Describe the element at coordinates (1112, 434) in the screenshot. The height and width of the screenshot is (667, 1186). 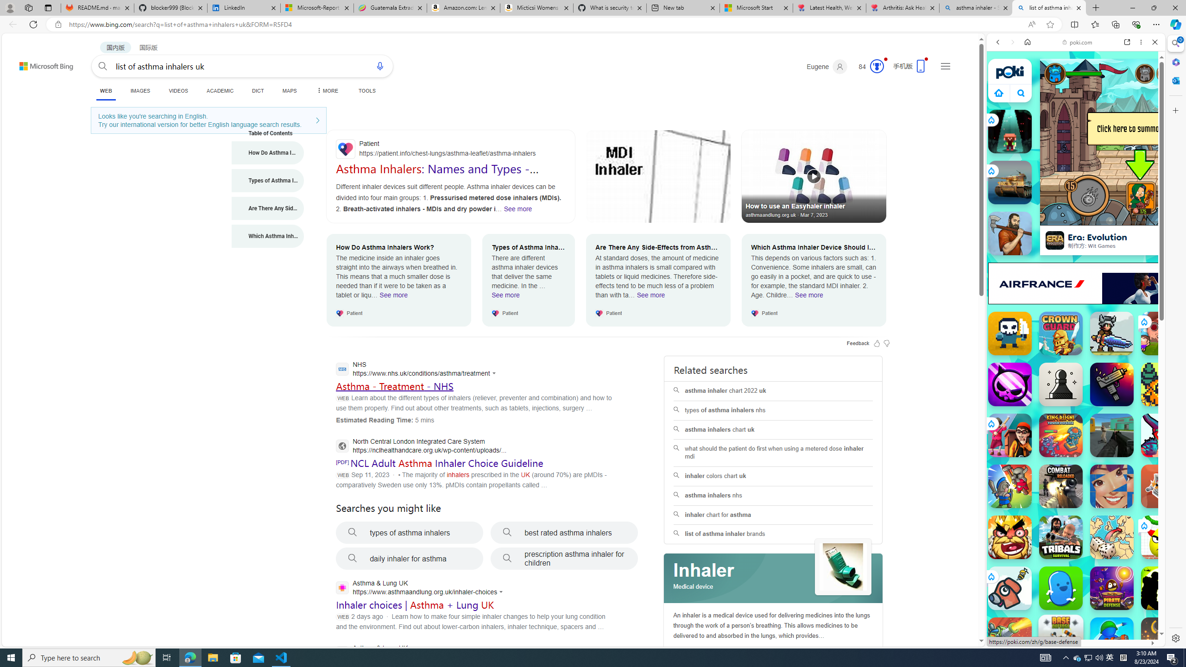
I see `'Combat Online Combat Online'` at that location.